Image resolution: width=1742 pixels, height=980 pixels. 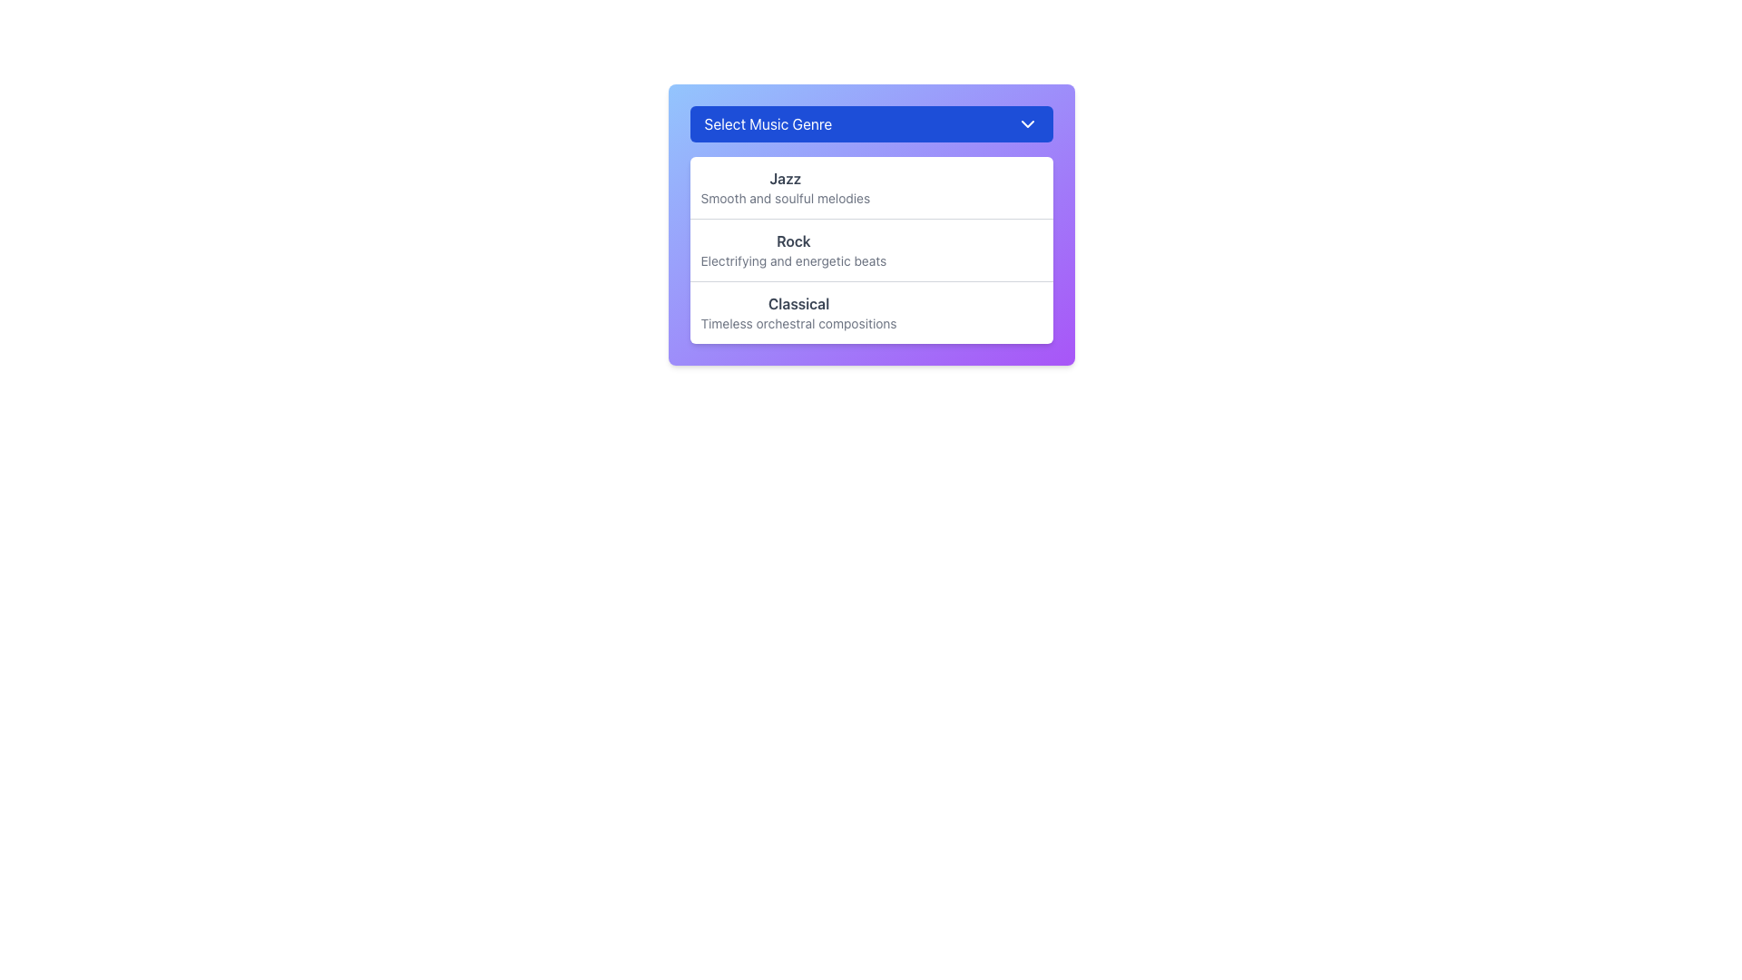 What do you see at coordinates (785, 178) in the screenshot?
I see `the text label displaying 'Jazz' in the dropdown menu, located under 'Select Music Genre'` at bounding box center [785, 178].